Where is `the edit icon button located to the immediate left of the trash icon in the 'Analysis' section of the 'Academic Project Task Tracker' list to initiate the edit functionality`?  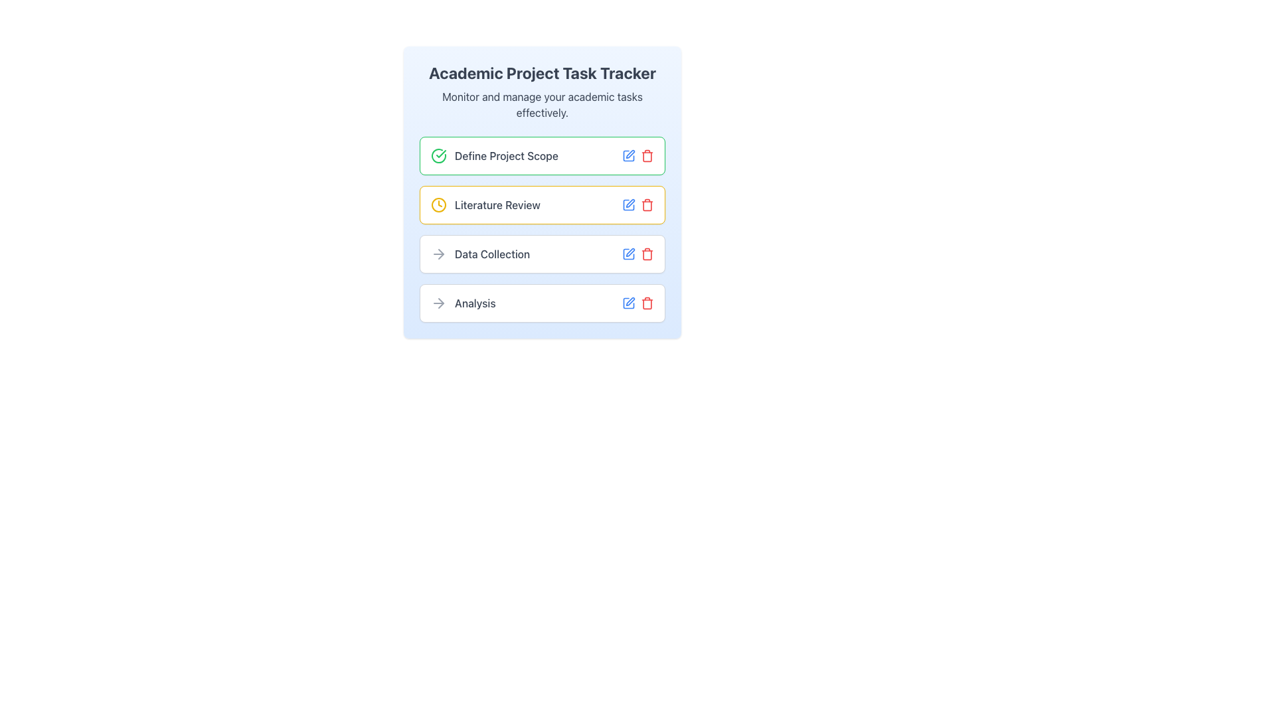 the edit icon button located to the immediate left of the trash icon in the 'Analysis' section of the 'Academic Project Task Tracker' list to initiate the edit functionality is located at coordinates (628, 303).